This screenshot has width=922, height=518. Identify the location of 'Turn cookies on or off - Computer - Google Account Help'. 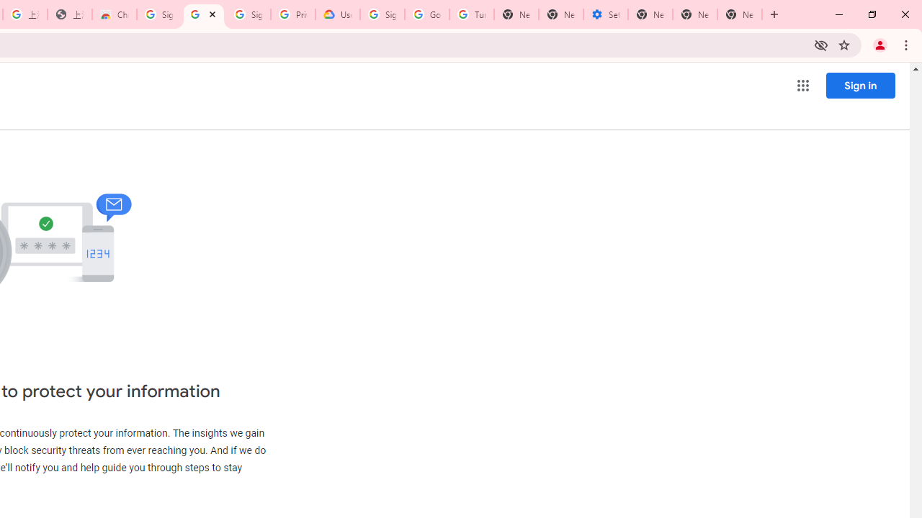
(471, 14).